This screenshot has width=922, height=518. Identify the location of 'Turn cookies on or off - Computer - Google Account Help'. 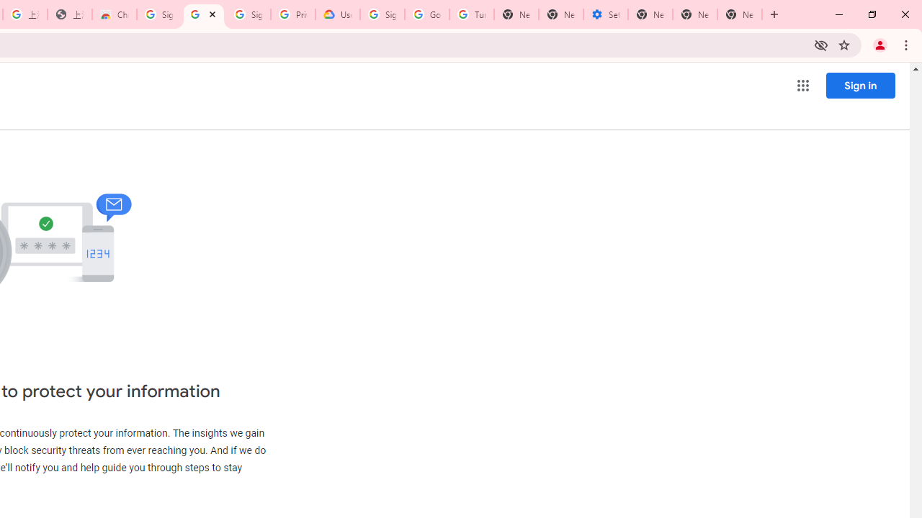
(471, 14).